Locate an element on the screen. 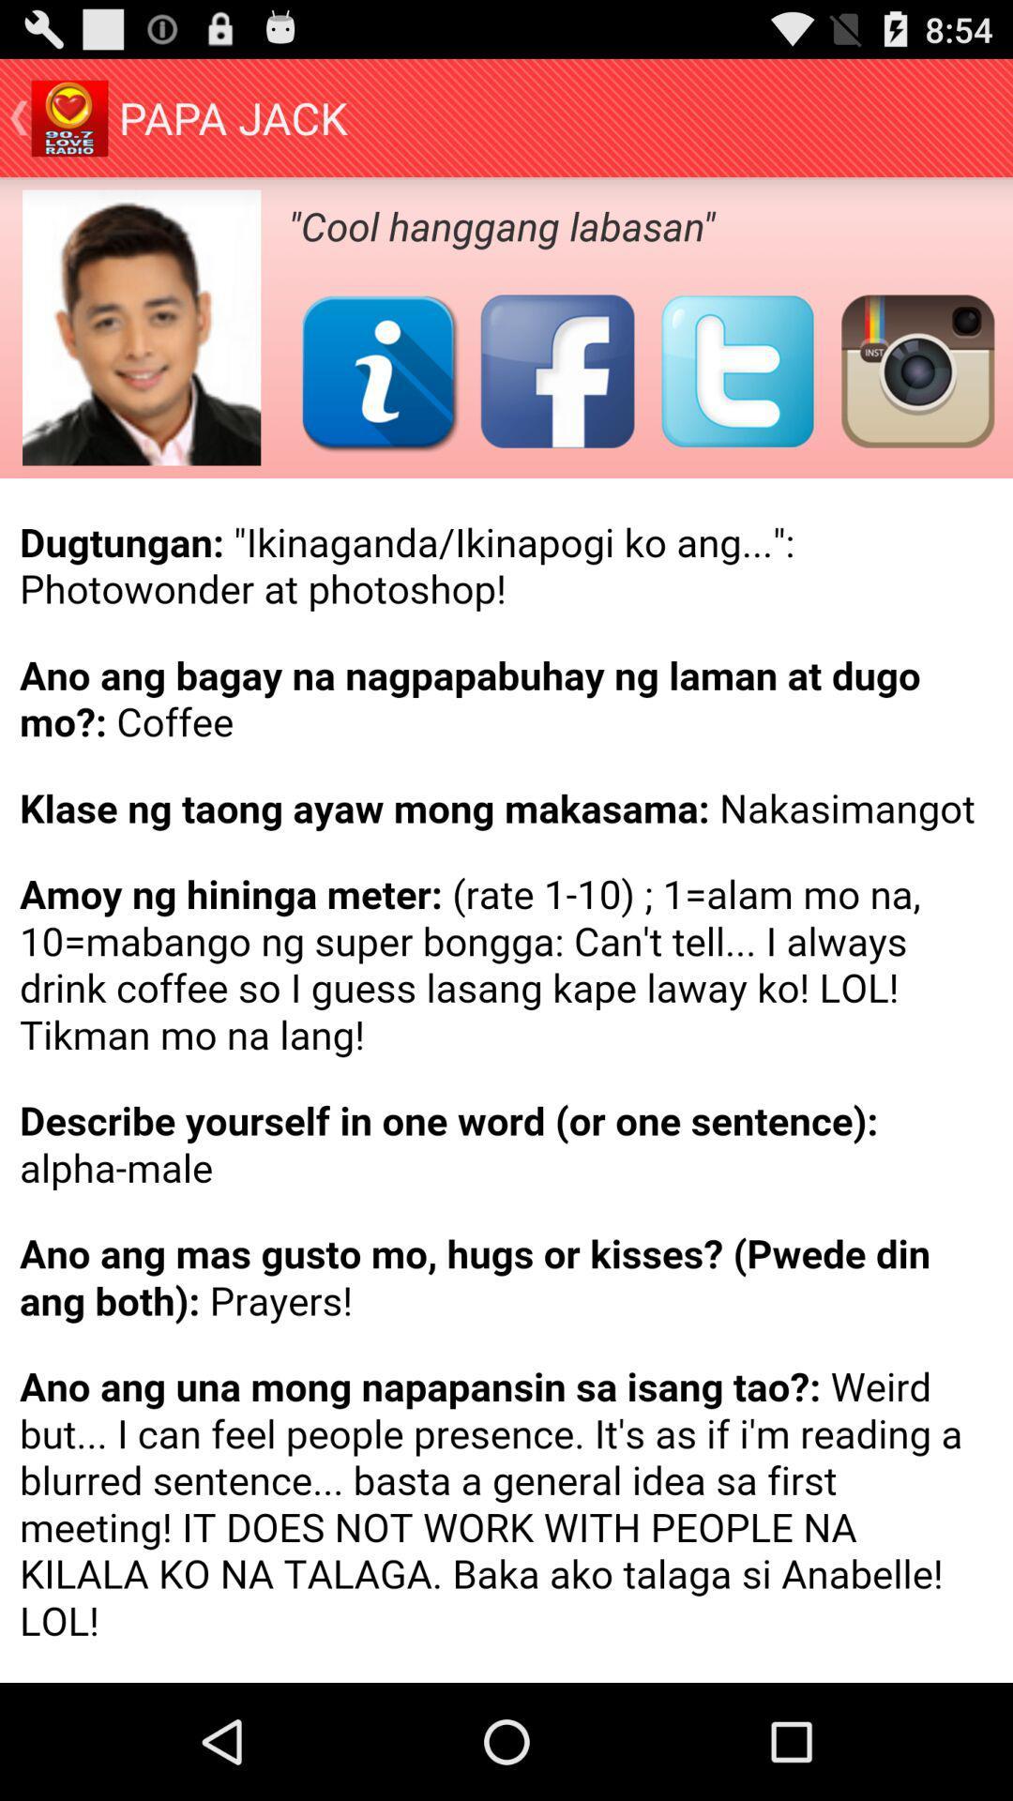  the photo icon is located at coordinates (916, 396).